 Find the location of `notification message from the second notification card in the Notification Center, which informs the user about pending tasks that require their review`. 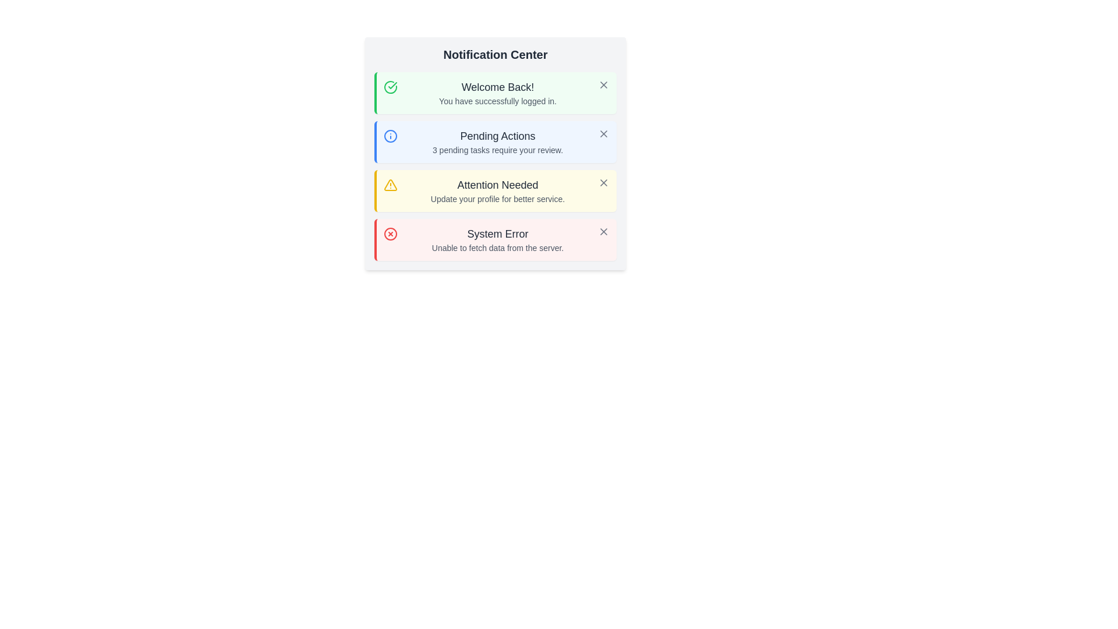

notification message from the second notification card in the Notification Center, which informs the user about pending tasks that require their review is located at coordinates (495, 141).